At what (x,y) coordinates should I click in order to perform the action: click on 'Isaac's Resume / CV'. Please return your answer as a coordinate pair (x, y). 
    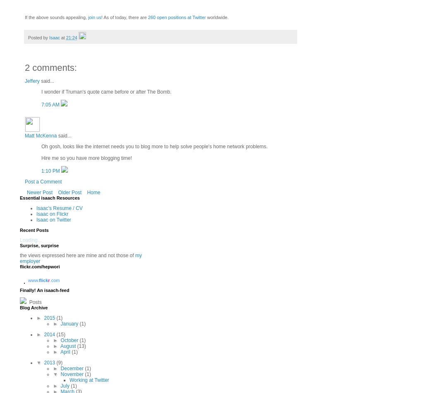
    Looking at the image, I should click on (59, 207).